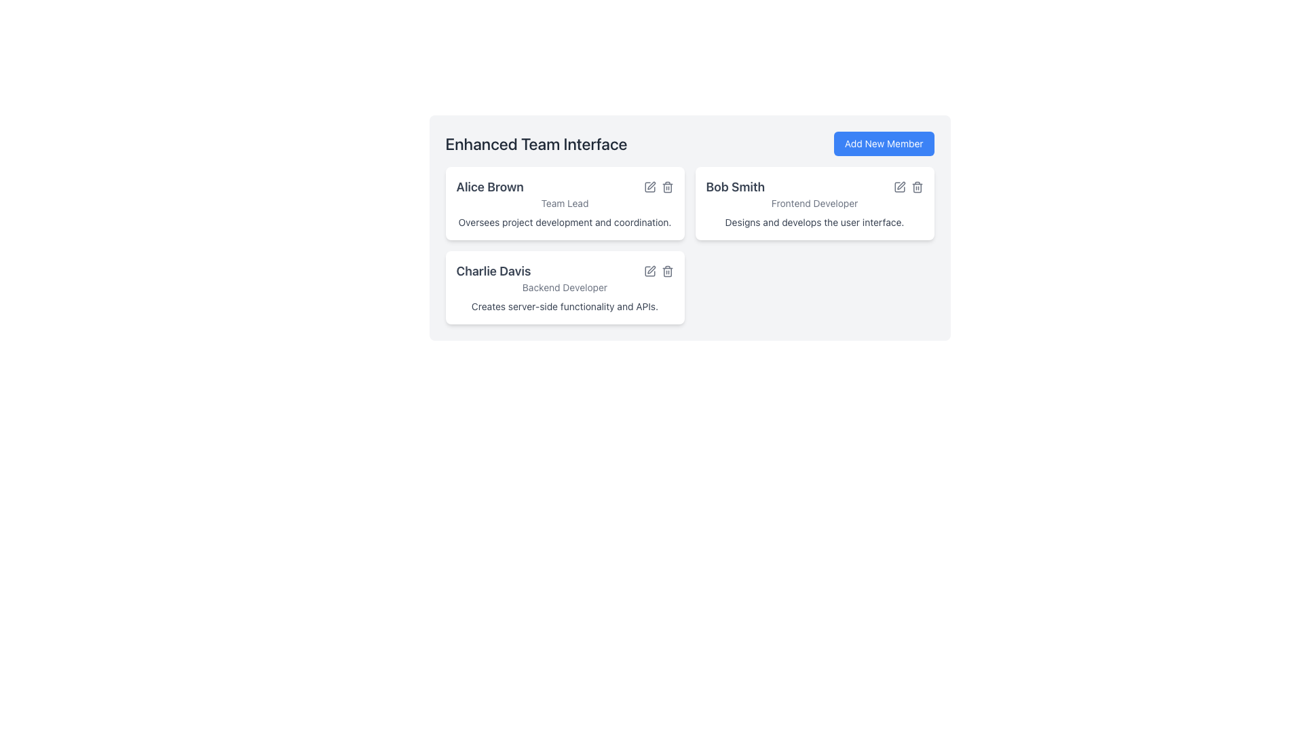  I want to click on the informational card displaying the name 'Charlie Davis', which is the third card in a three-card grid layout located at the bottom-left section, so click(565, 287).